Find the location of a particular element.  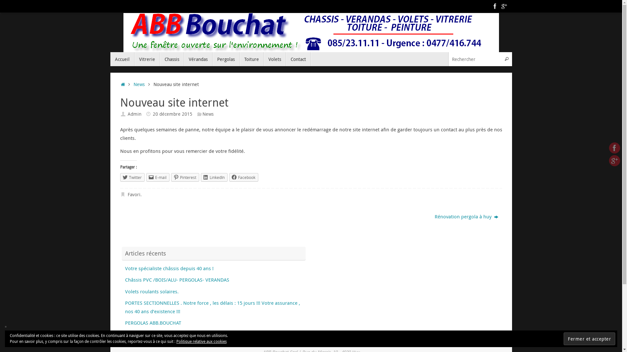

'Admin' is located at coordinates (134, 113).